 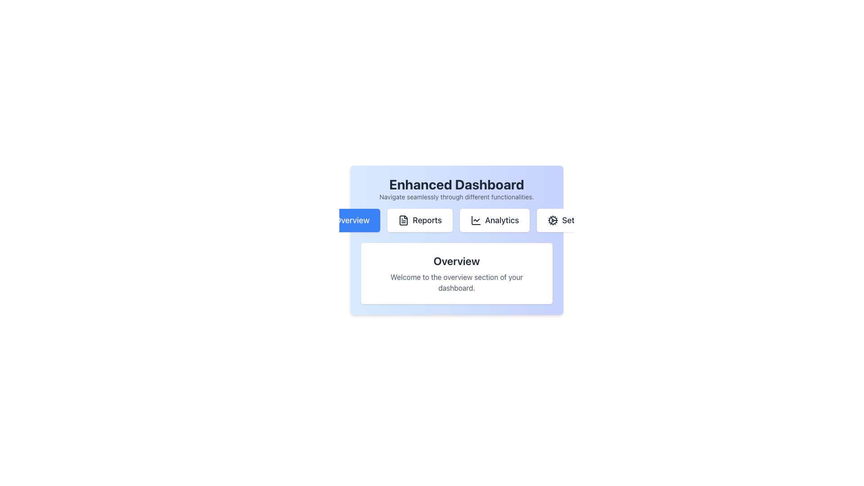 I want to click on the static text containing 'Navigate seamlessly through different functionalities.' which is positioned below the title 'Enhanced Dashboard', so click(x=456, y=197).